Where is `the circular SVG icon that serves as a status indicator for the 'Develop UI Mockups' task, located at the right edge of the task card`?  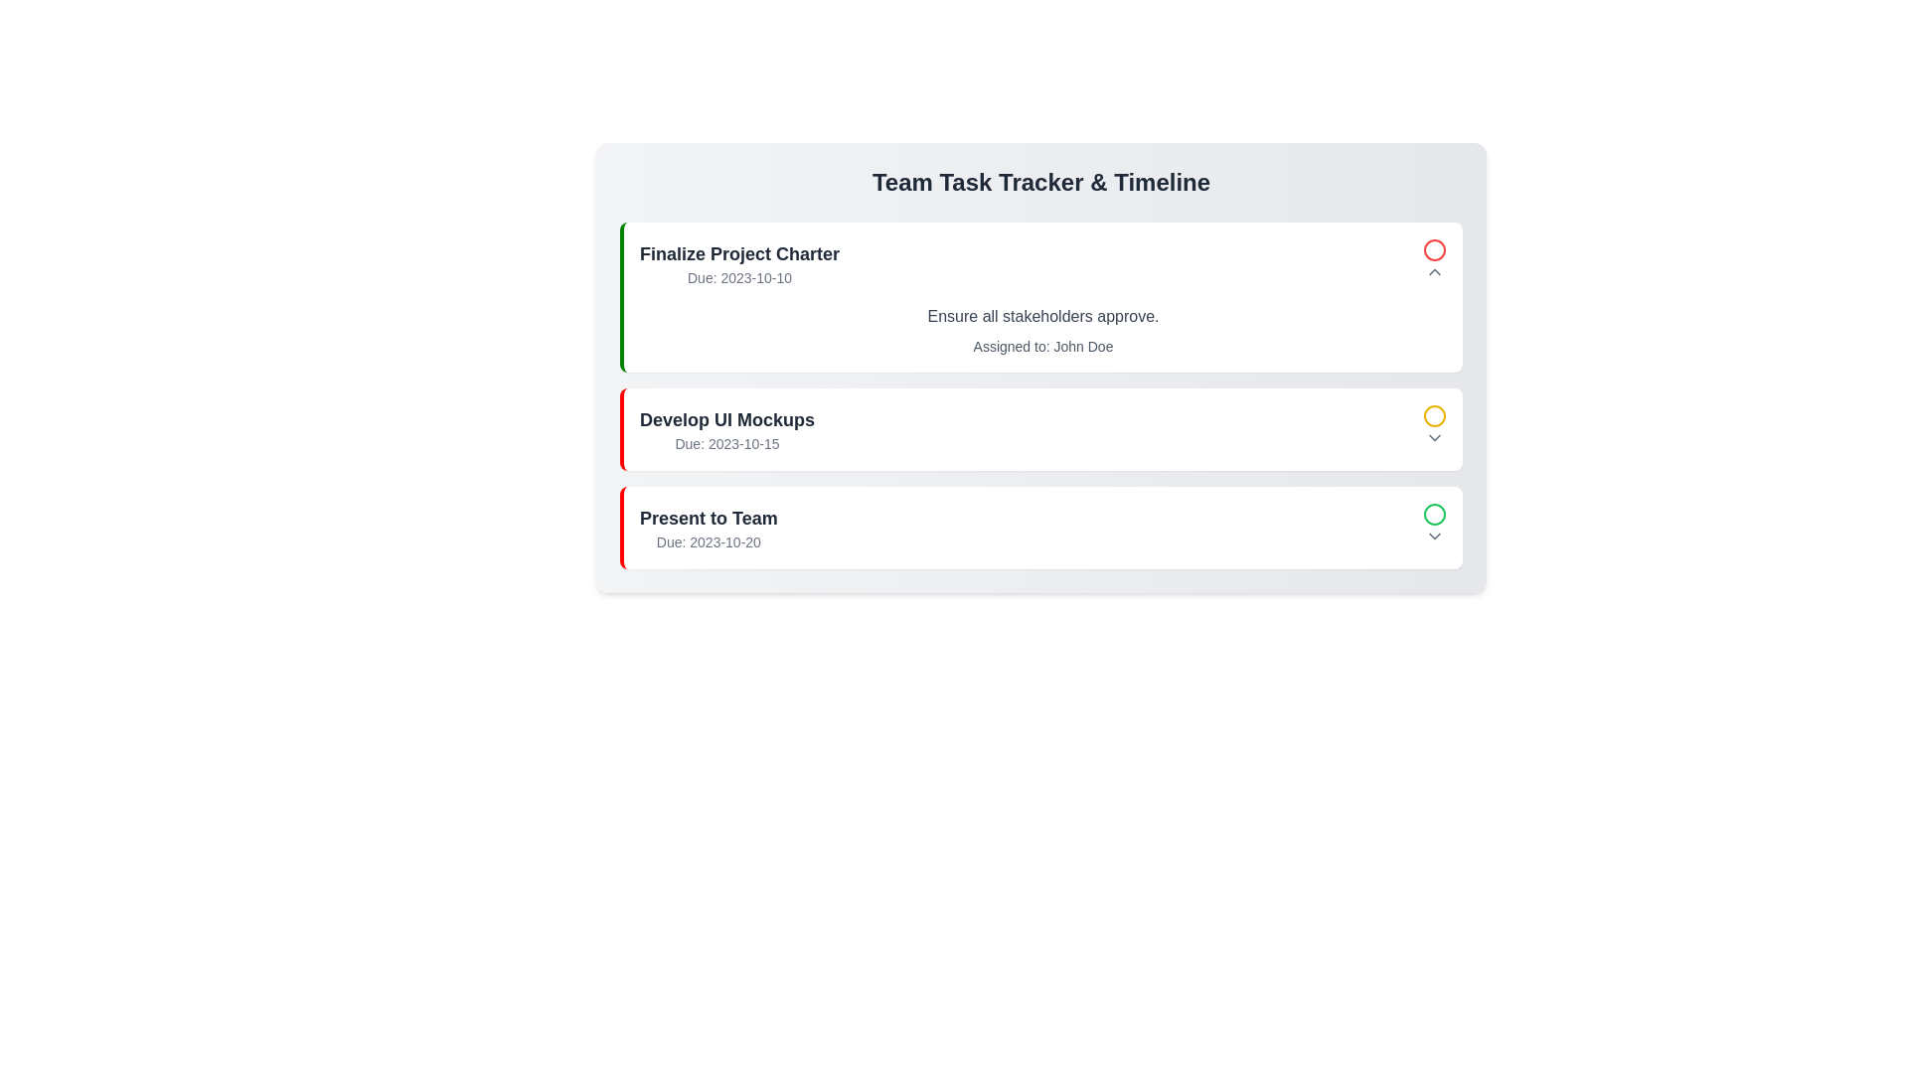 the circular SVG icon that serves as a status indicator for the 'Develop UI Mockups' task, located at the right edge of the task card is located at coordinates (1435, 415).